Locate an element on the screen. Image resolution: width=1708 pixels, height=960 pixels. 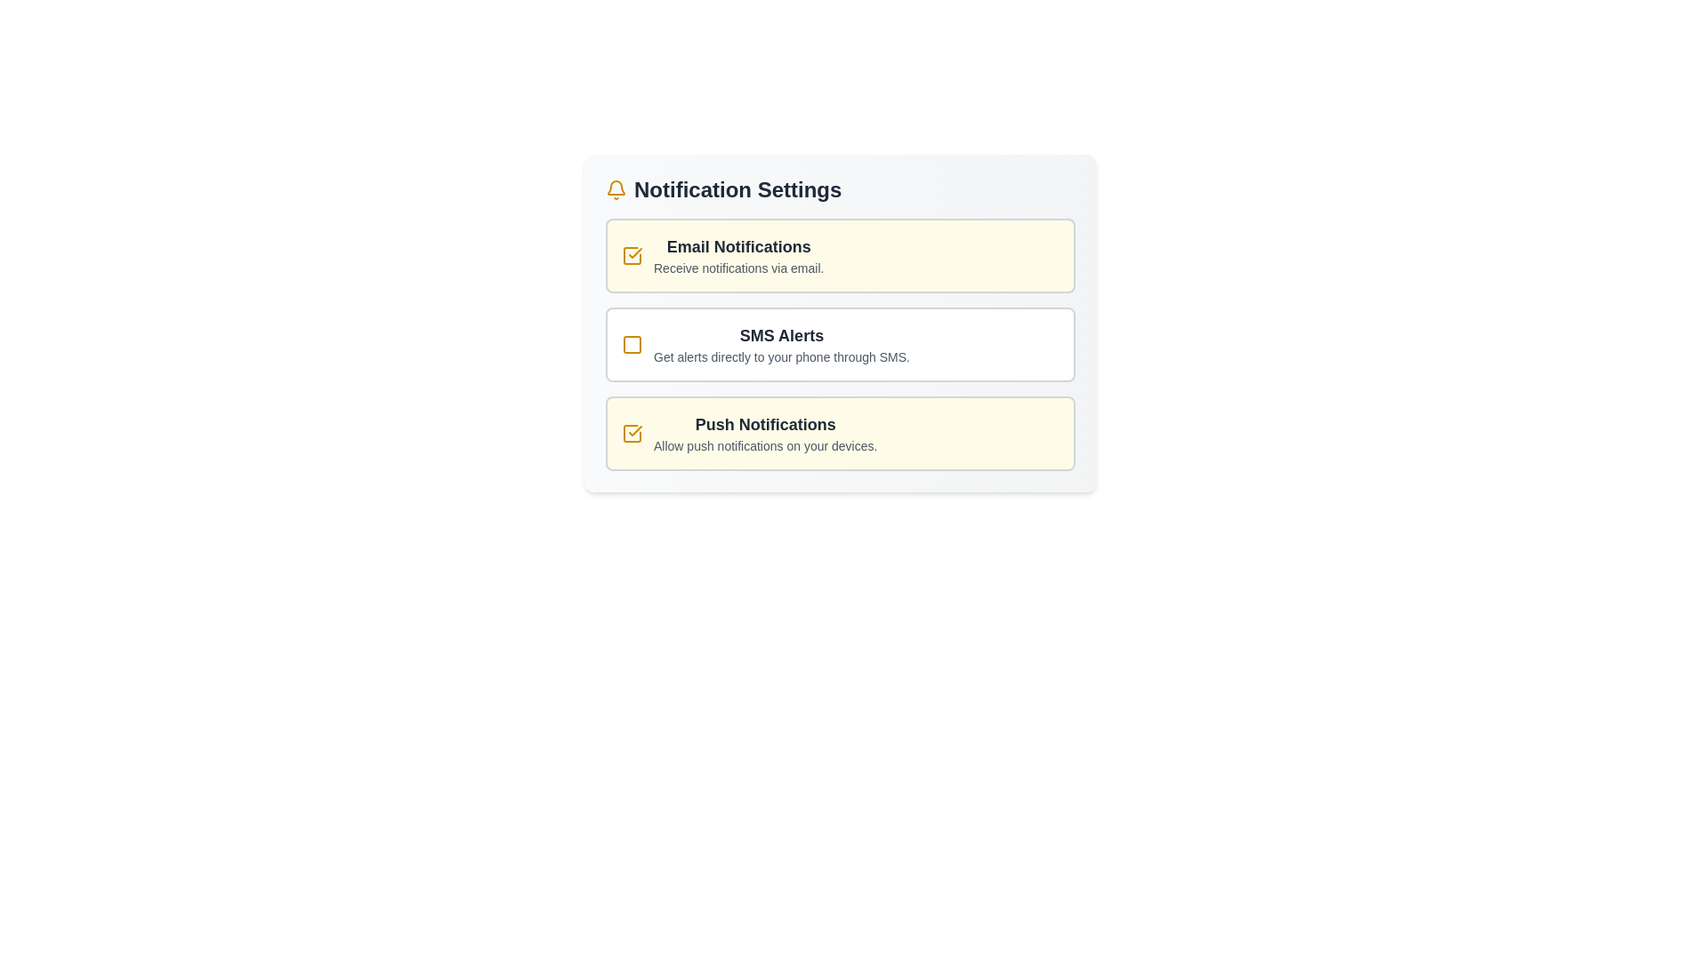
the text block that describes the purpose of enabling push notifications, which is the third entry in a vertically stacked list of notification types is located at coordinates (765, 434).